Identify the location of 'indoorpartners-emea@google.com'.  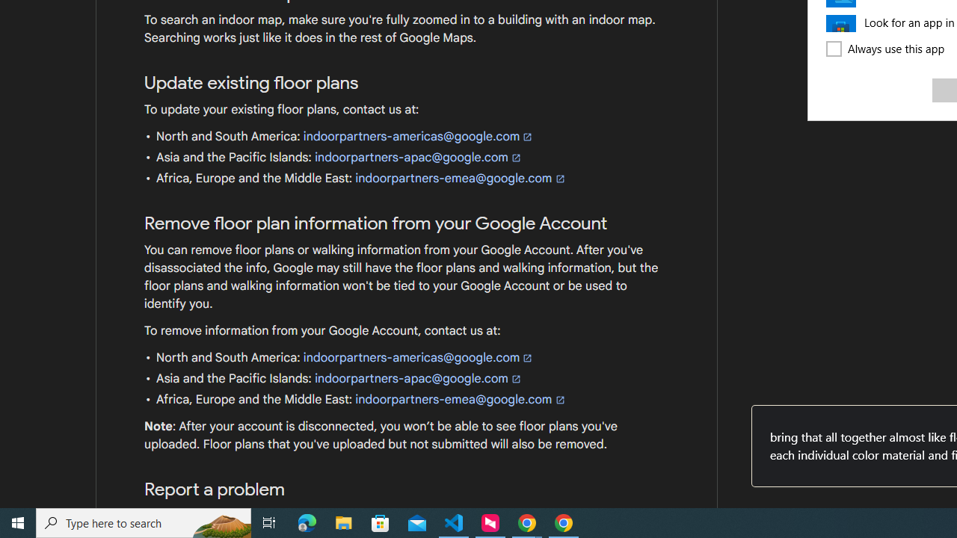
(460, 398).